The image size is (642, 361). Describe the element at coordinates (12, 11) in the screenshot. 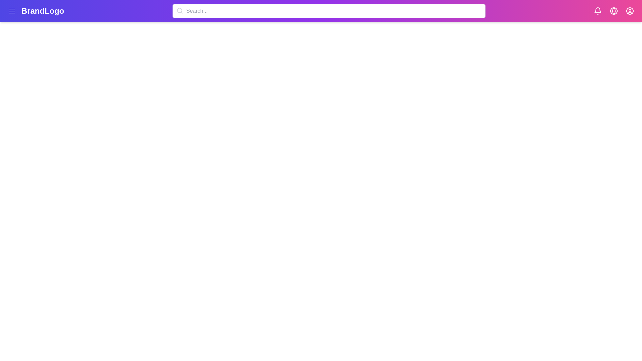

I see `the minimalistic menu icon button, which is represented by three horizontal white lines` at that location.